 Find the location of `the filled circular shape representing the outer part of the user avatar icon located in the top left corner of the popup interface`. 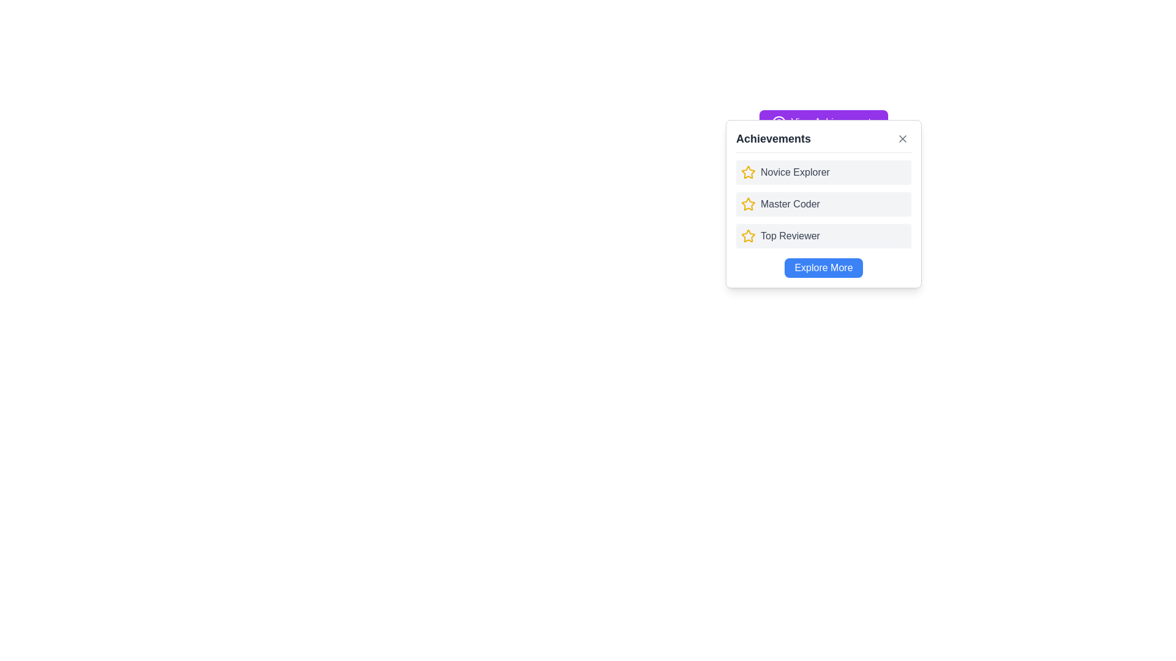

the filled circular shape representing the outer part of the user avatar icon located in the top left corner of the popup interface is located at coordinates (778, 122).